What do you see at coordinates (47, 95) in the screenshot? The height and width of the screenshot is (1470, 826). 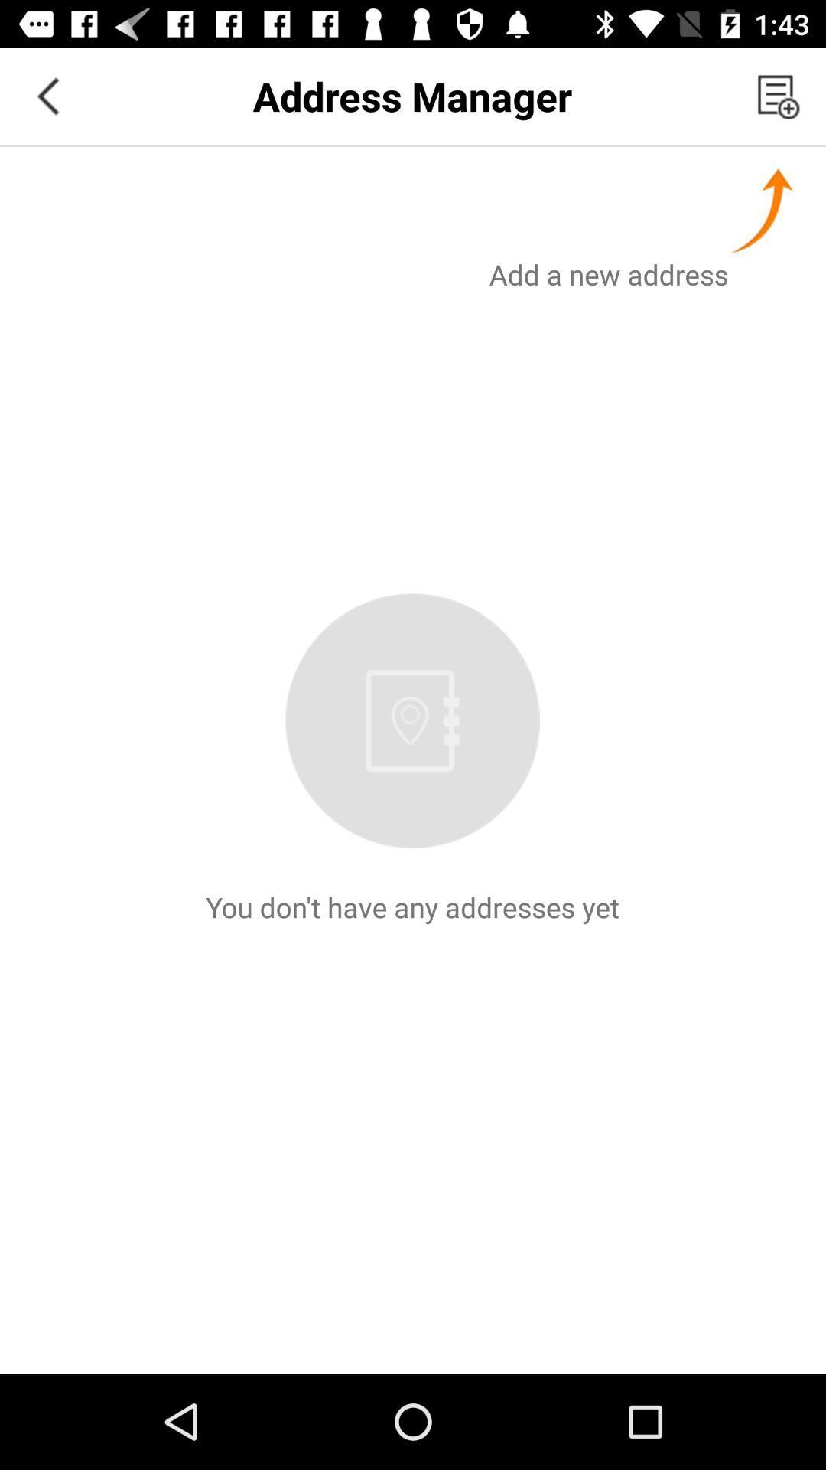 I see `the item to the left of the address manager app` at bounding box center [47, 95].